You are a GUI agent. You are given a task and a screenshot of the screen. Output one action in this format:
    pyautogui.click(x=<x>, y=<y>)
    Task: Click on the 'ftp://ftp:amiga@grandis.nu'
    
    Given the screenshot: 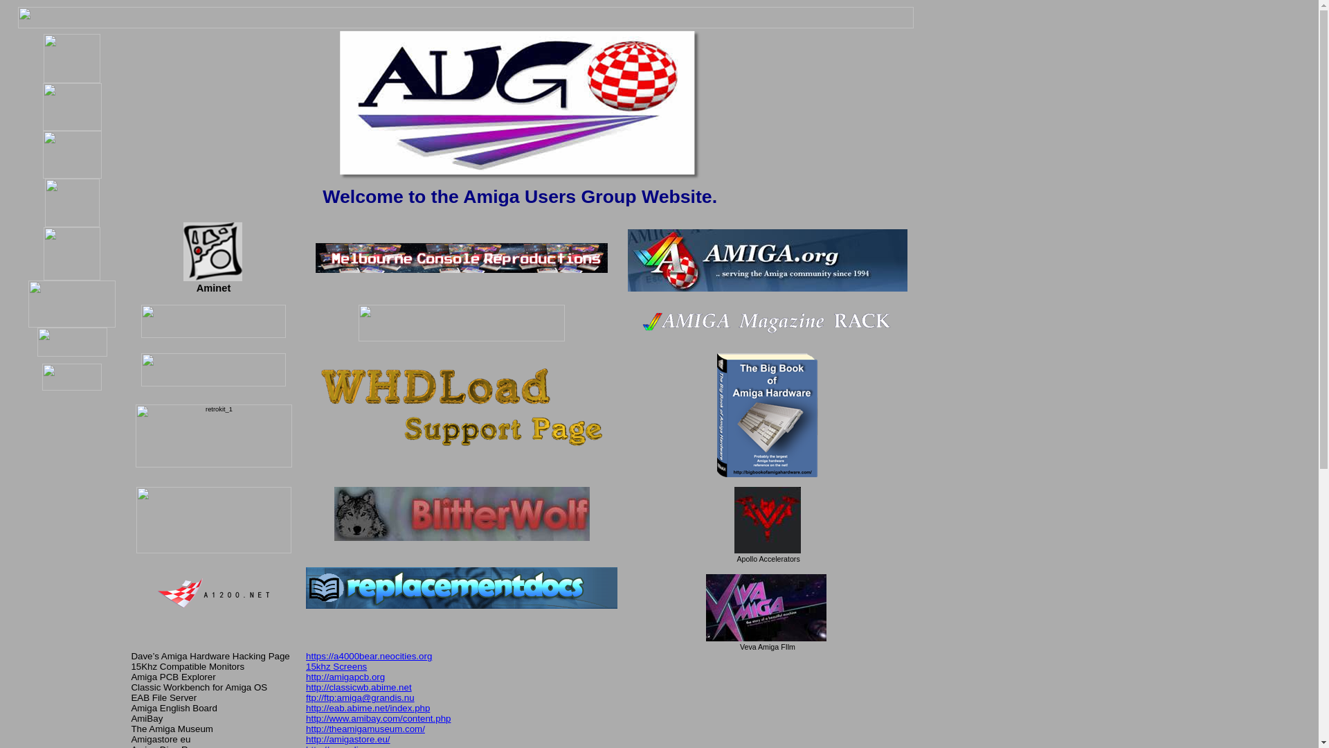 What is the action you would take?
    pyautogui.click(x=360, y=697)
    